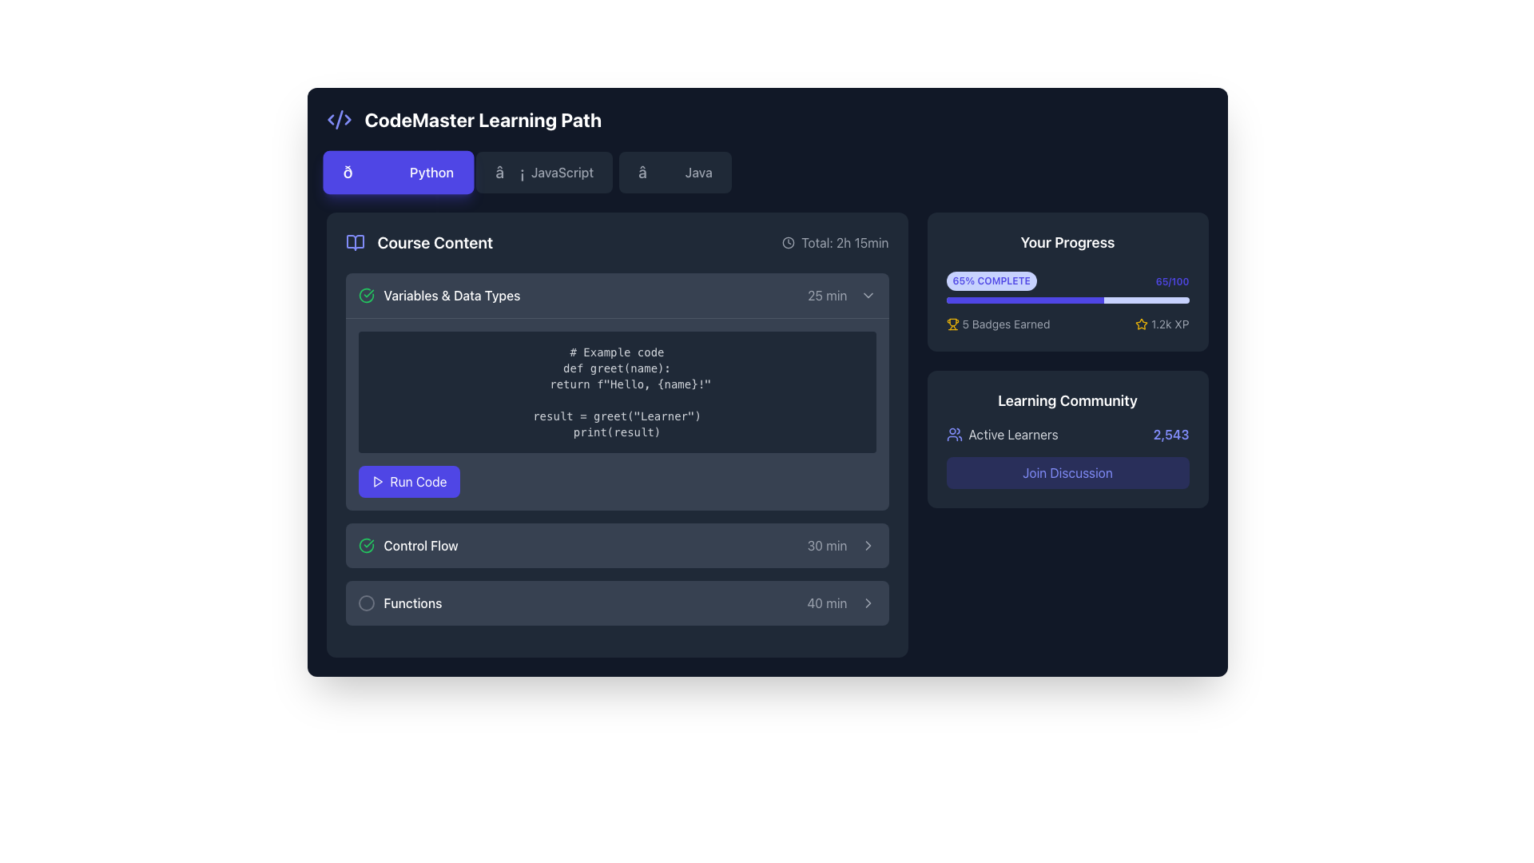 The height and width of the screenshot is (863, 1534). I want to click on the text label displaying 'Python' in white font on a purple background, which is located to the right of a snake emoji icon in the user interface's top section, so click(431, 173).